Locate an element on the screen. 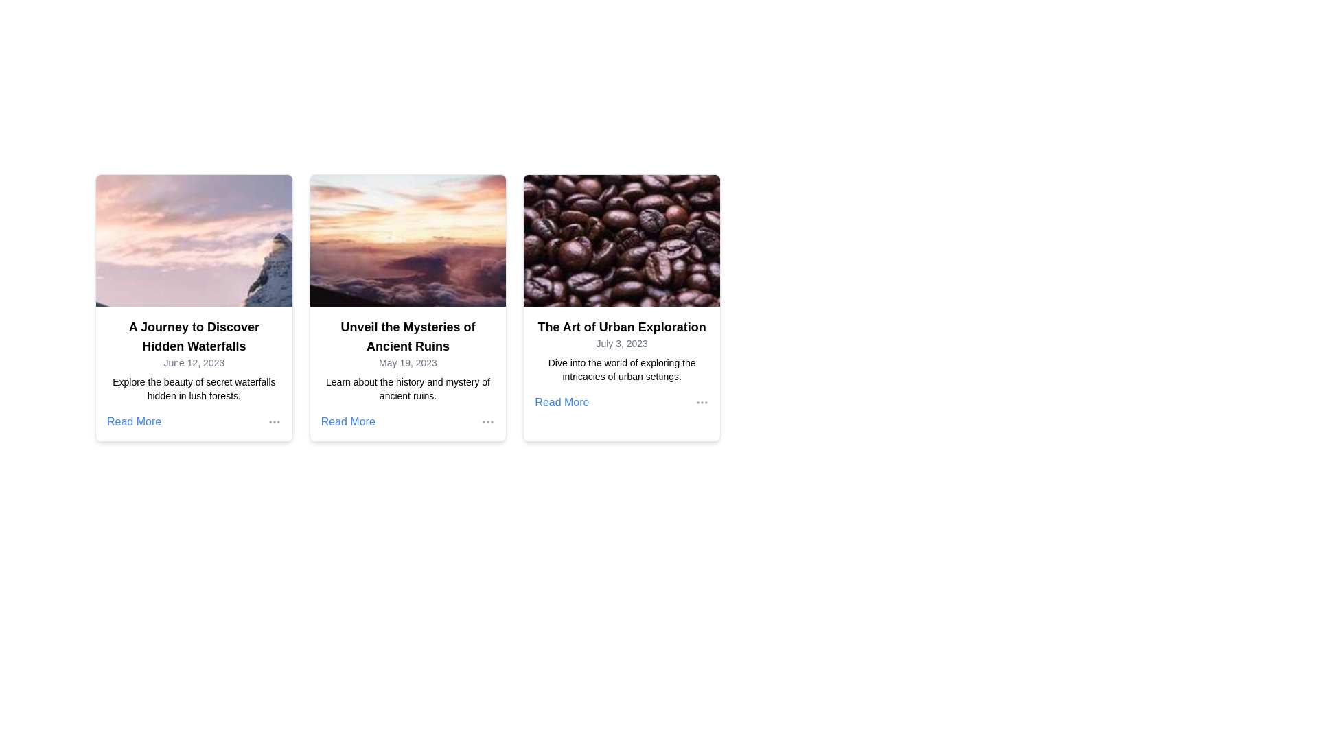 The image size is (1318, 741). the static text field displaying the date 'July 3, 2023' located beneath the header 'The Art of Urban Exploration' is located at coordinates (621, 343).